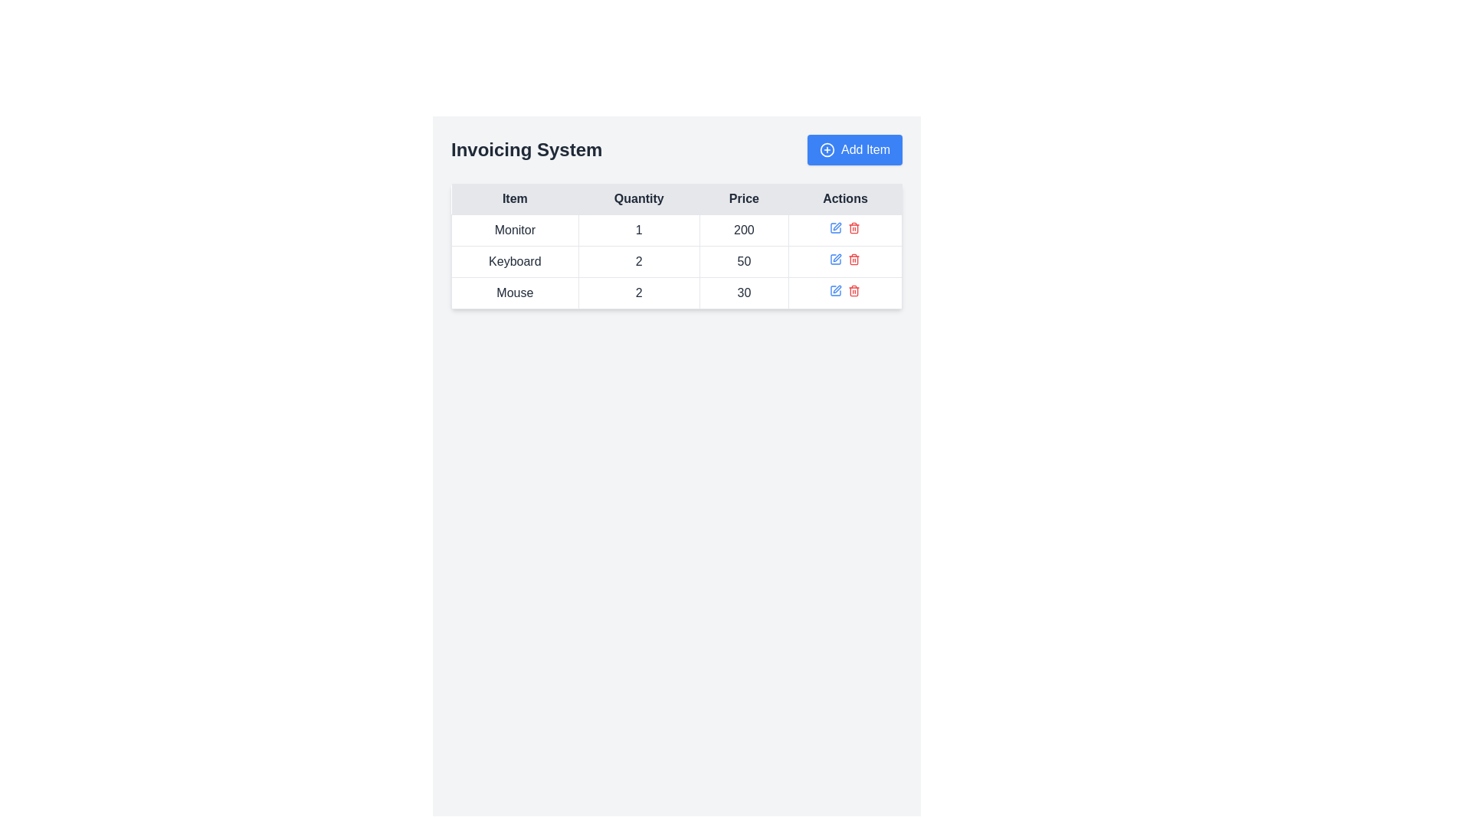  Describe the element at coordinates (639, 230) in the screenshot. I see `displayed text in the 'Quantity' column of the first row of the invoice table for the item 'Monitor'` at that location.